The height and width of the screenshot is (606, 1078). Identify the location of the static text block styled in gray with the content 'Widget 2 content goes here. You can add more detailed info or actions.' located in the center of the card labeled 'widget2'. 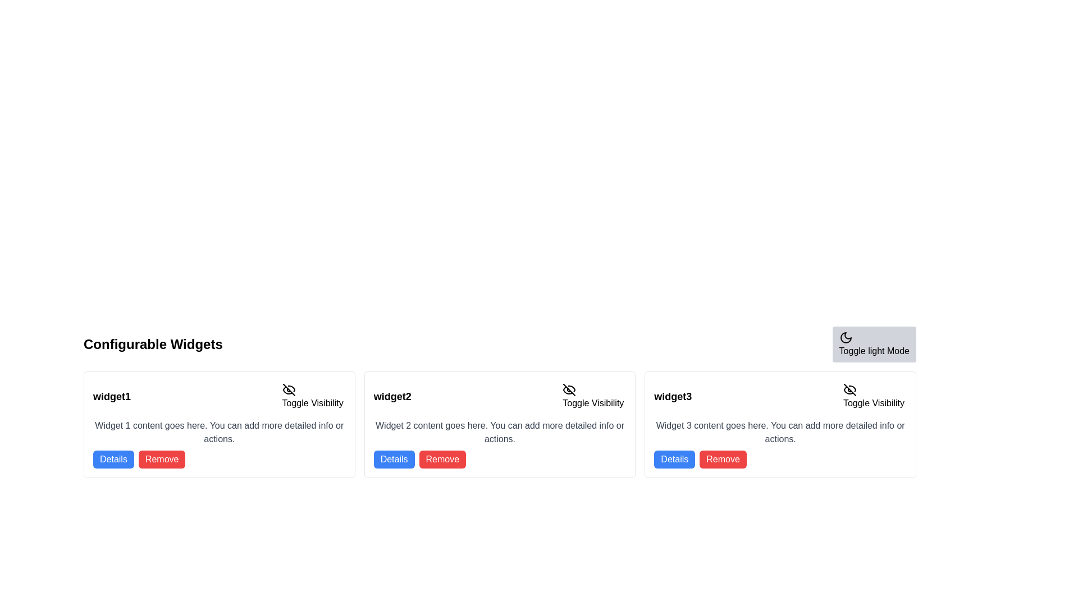
(499, 432).